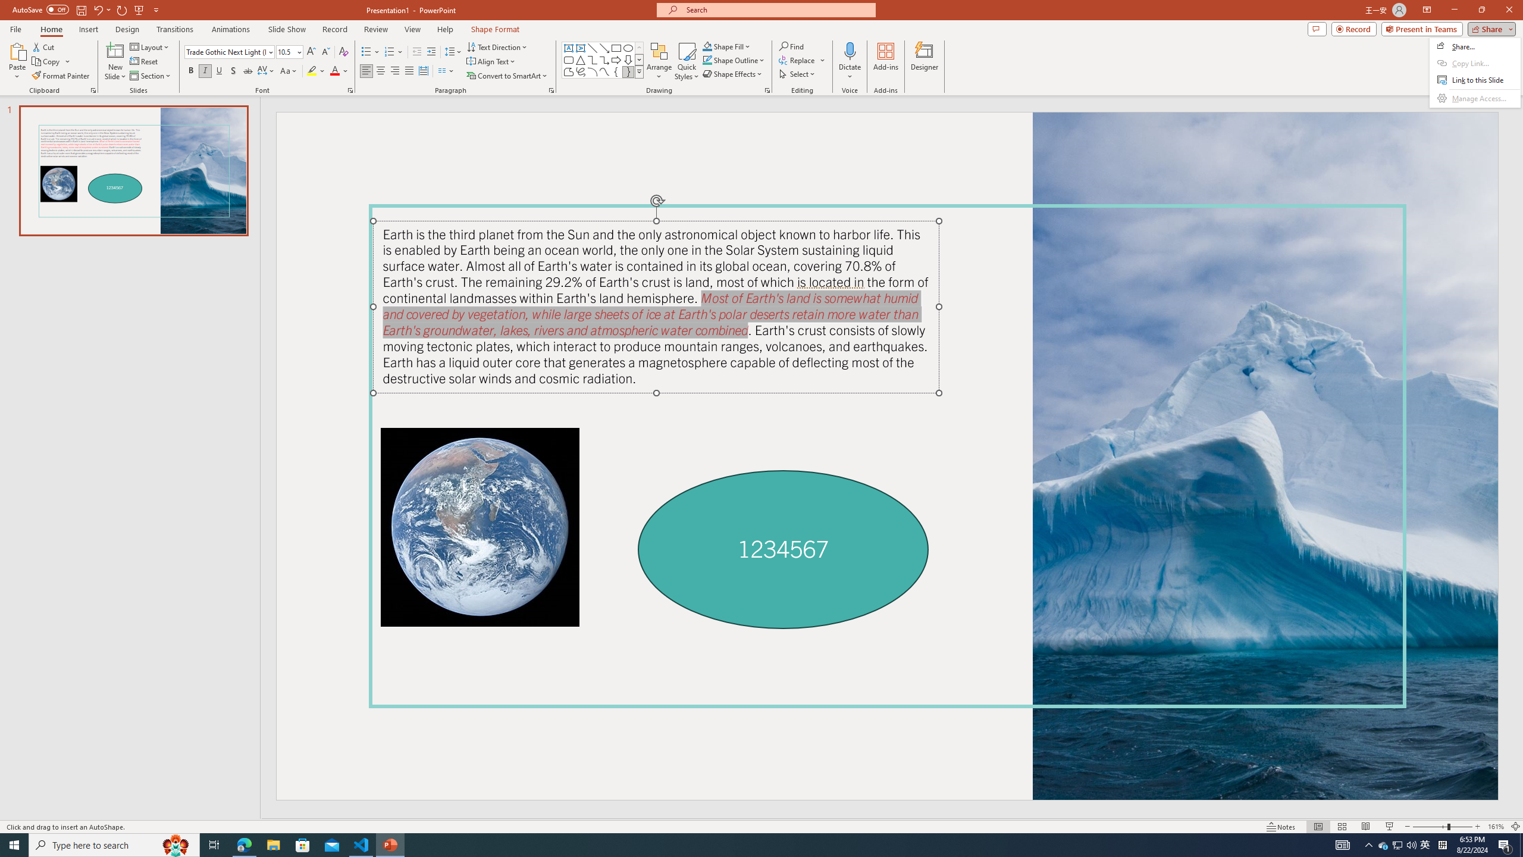 This screenshot has height=857, width=1523. What do you see at coordinates (707, 59) in the screenshot?
I see `'Shape Outline Teal, Accent 1'` at bounding box center [707, 59].